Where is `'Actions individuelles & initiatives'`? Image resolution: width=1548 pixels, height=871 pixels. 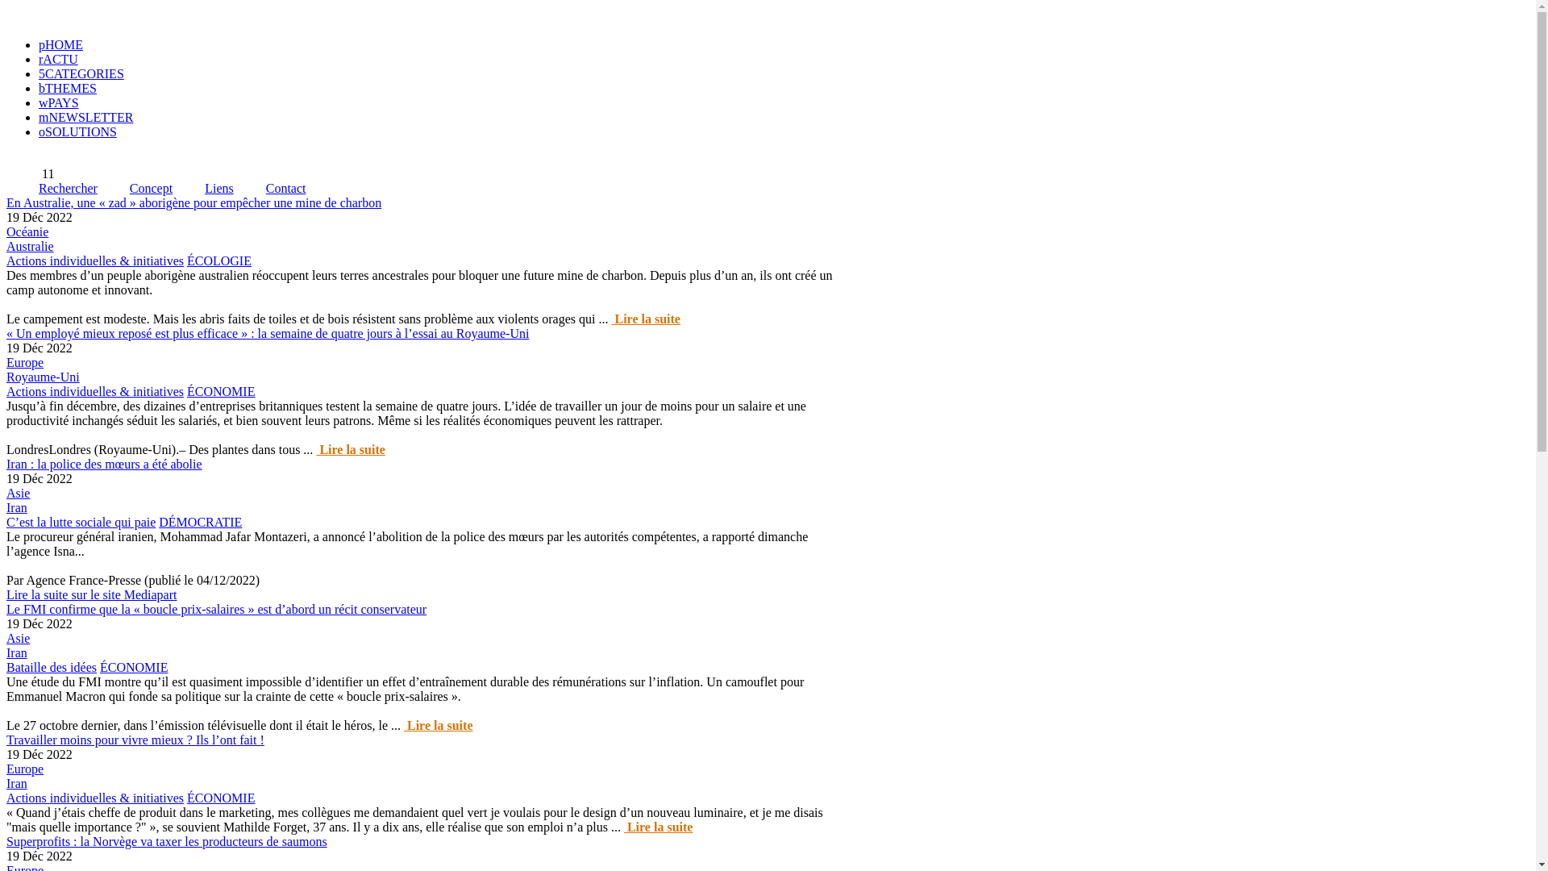 'Actions individuelles & initiatives' is located at coordinates (94, 797).